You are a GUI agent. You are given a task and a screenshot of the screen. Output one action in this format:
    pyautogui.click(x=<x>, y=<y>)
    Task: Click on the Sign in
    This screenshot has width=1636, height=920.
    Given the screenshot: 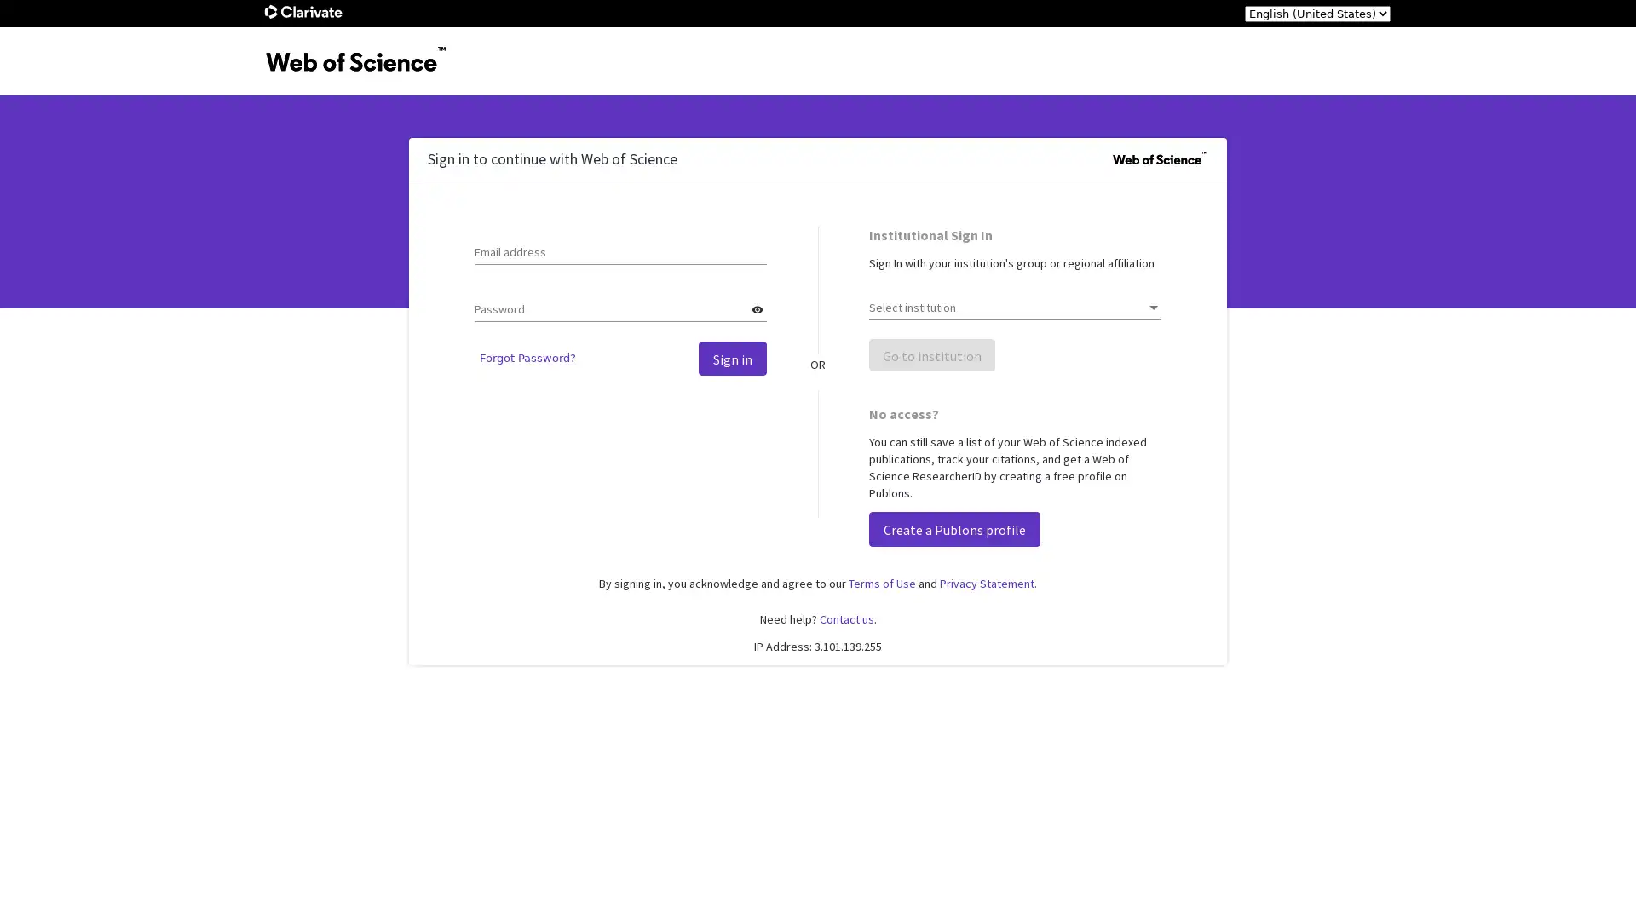 What is the action you would take?
    pyautogui.click(x=732, y=357)
    